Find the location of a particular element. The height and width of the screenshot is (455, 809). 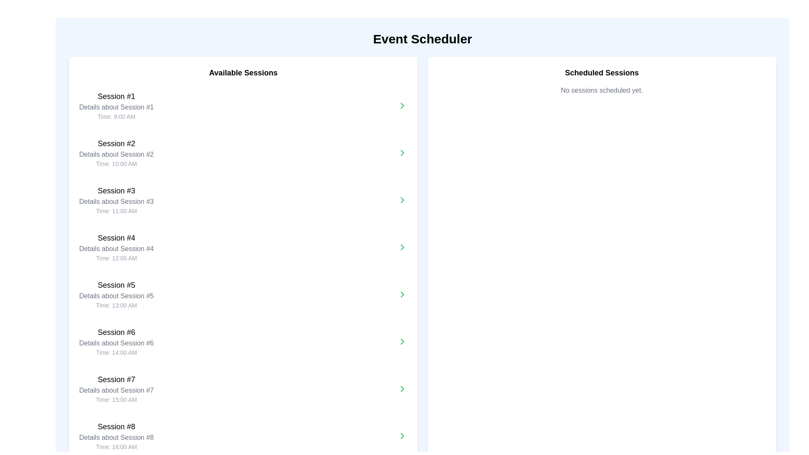

the chevron-right arrow icon with a green outline located next to 'Session #4' in the 'Available Sessions' section to proceed to the session's details is located at coordinates (402, 246).